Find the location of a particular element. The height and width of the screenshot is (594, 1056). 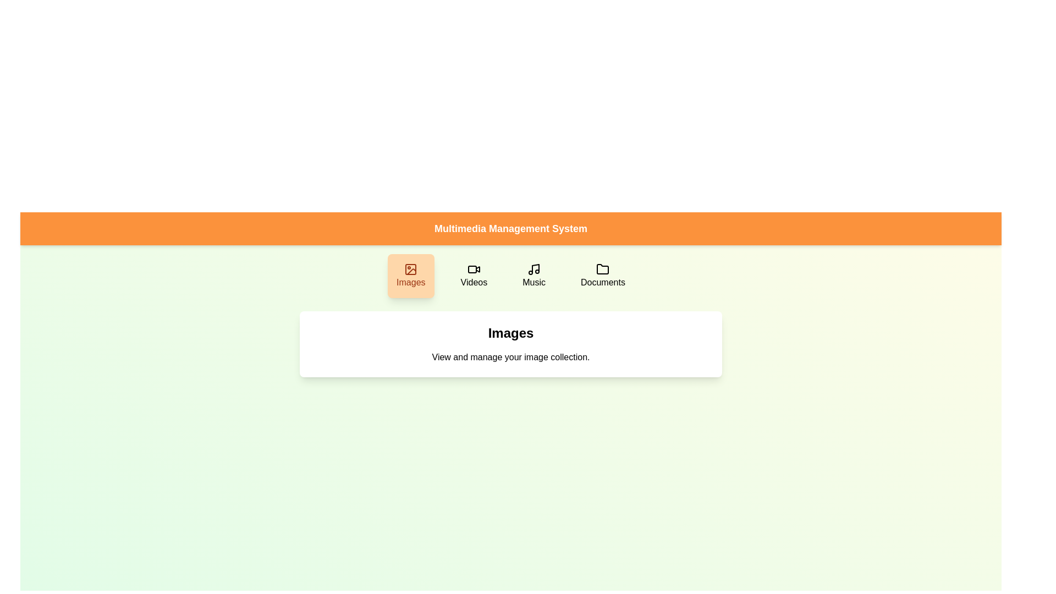

the Documents button to switch the active category is located at coordinates (602, 275).